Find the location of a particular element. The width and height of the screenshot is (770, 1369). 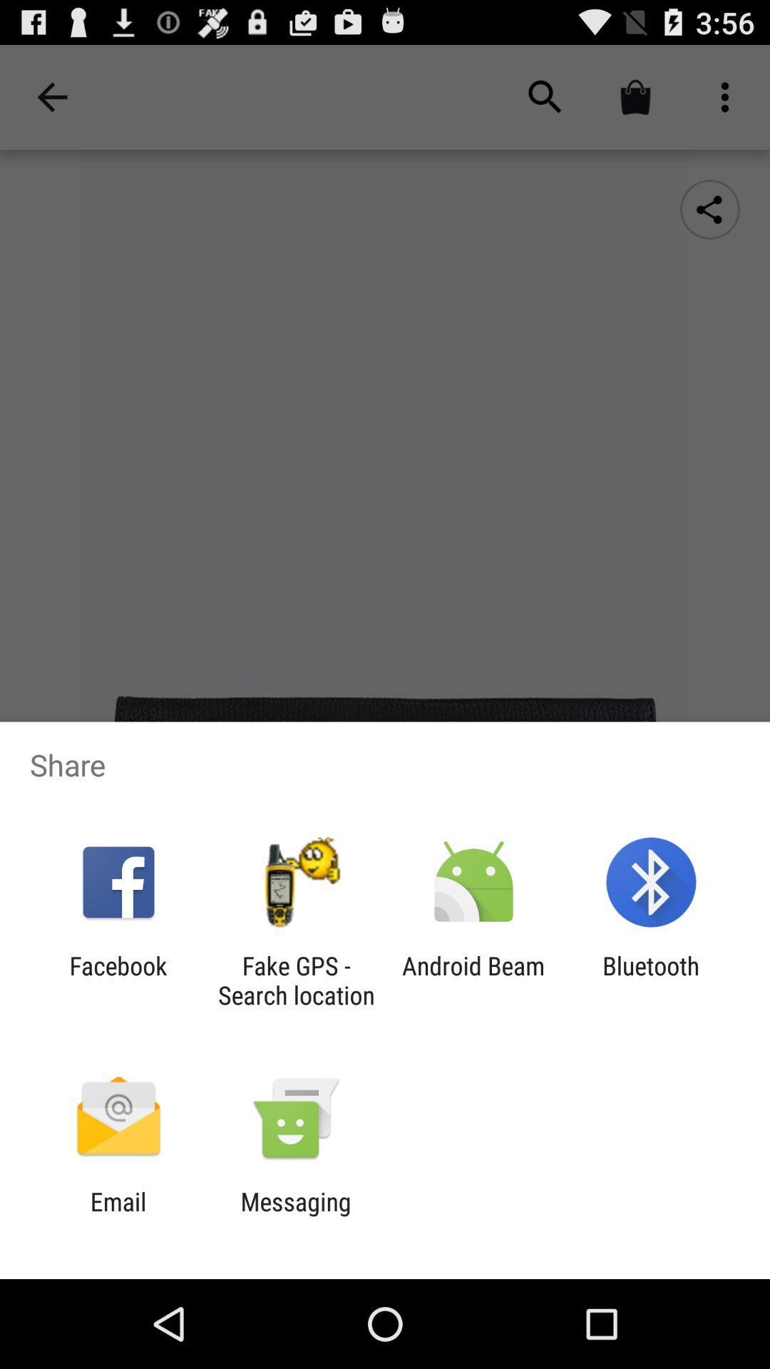

the email app is located at coordinates (118, 1216).